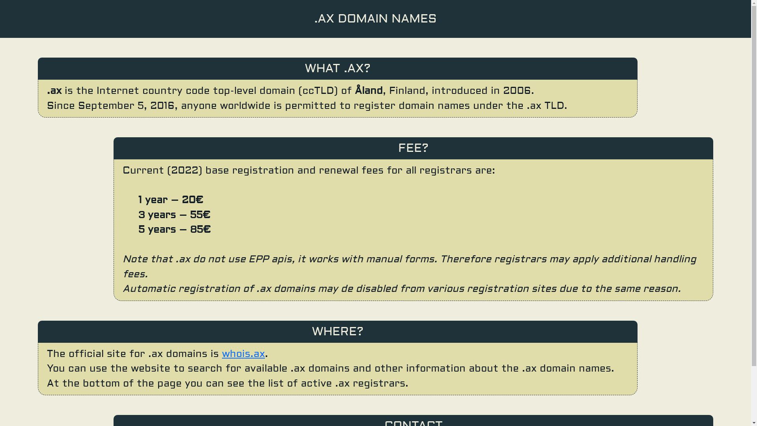  What do you see at coordinates (243, 353) in the screenshot?
I see `'whois.ax'` at bounding box center [243, 353].